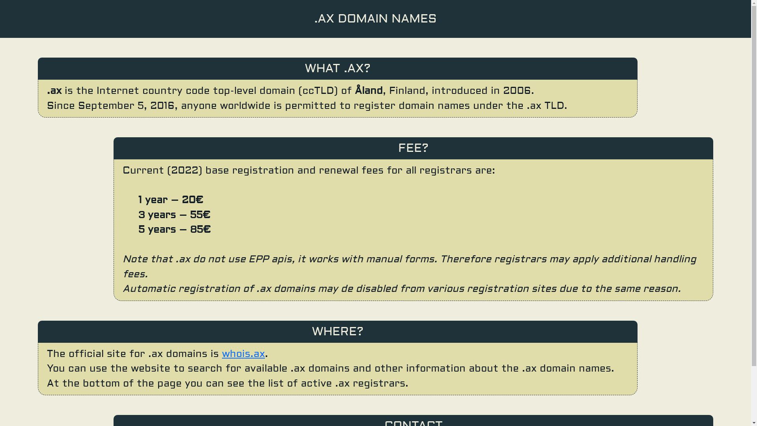  What do you see at coordinates (243, 353) in the screenshot?
I see `'whois.ax'` at bounding box center [243, 353].